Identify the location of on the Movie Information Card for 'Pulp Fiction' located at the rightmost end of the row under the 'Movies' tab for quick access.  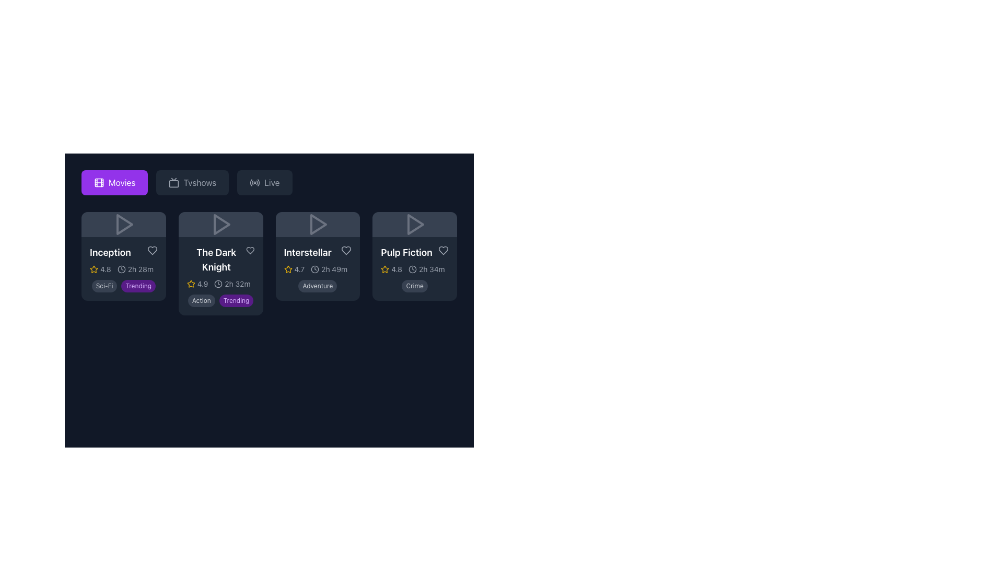
(414, 256).